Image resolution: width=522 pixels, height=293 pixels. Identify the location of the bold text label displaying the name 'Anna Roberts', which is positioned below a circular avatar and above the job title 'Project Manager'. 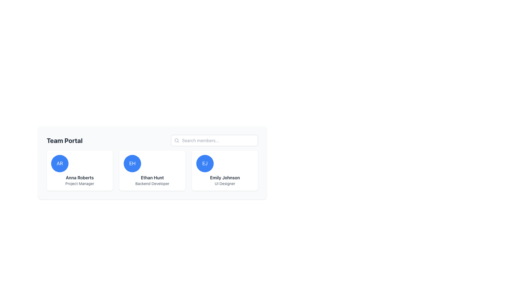
(79, 178).